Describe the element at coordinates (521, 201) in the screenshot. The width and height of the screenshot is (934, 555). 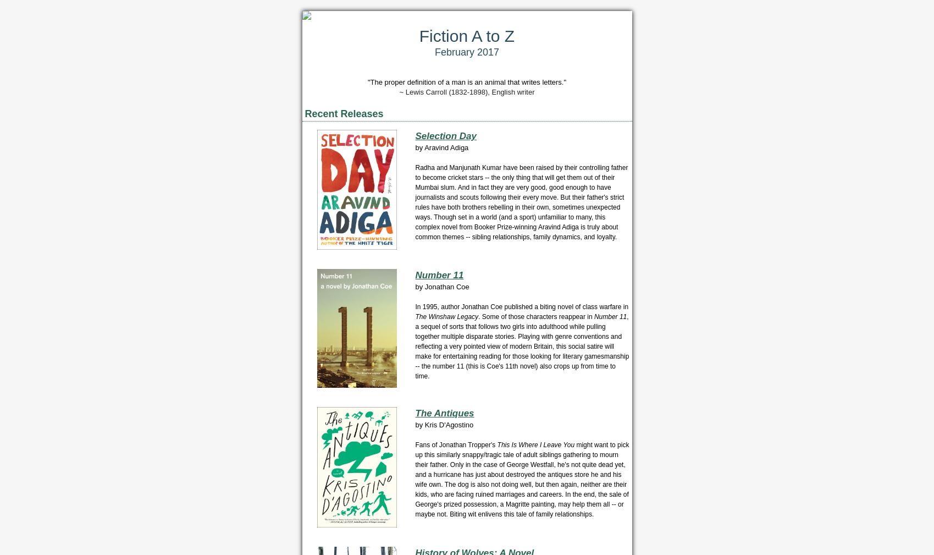
I see `'Radha and Manjunath Kumar have been raised by their controlling father to become cricket stars -- the only thing that will get them out of their Mumbai slum. And in fact they are very good, good enough to have journalists and scouts following their every move. But their father's strict rules have both brothers rebelling in their own, sometimes unexpected ways. Though set in a world (and a sport) unfamiliar to many, this complex novel from Booker Prize-winning Aravind Adiga is truly about common themes -- sibling relationships, family dynamics, and loyalty.'` at that location.